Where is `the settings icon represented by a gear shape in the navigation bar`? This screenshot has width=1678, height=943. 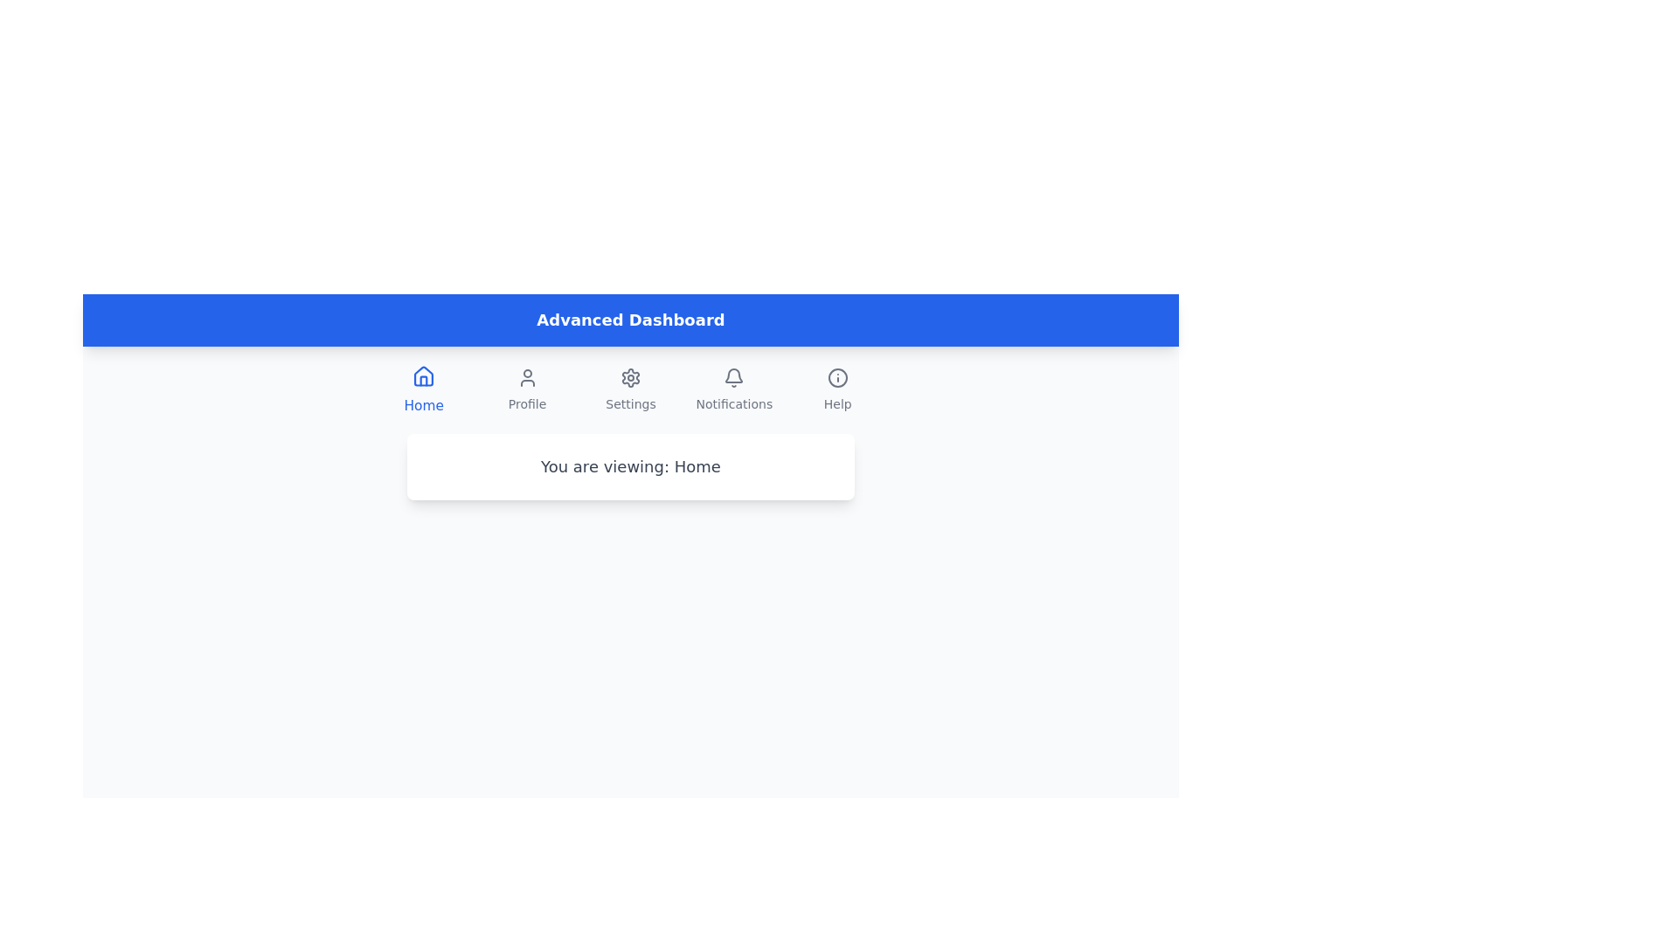 the settings icon represented by a gear shape in the navigation bar is located at coordinates (629, 376).